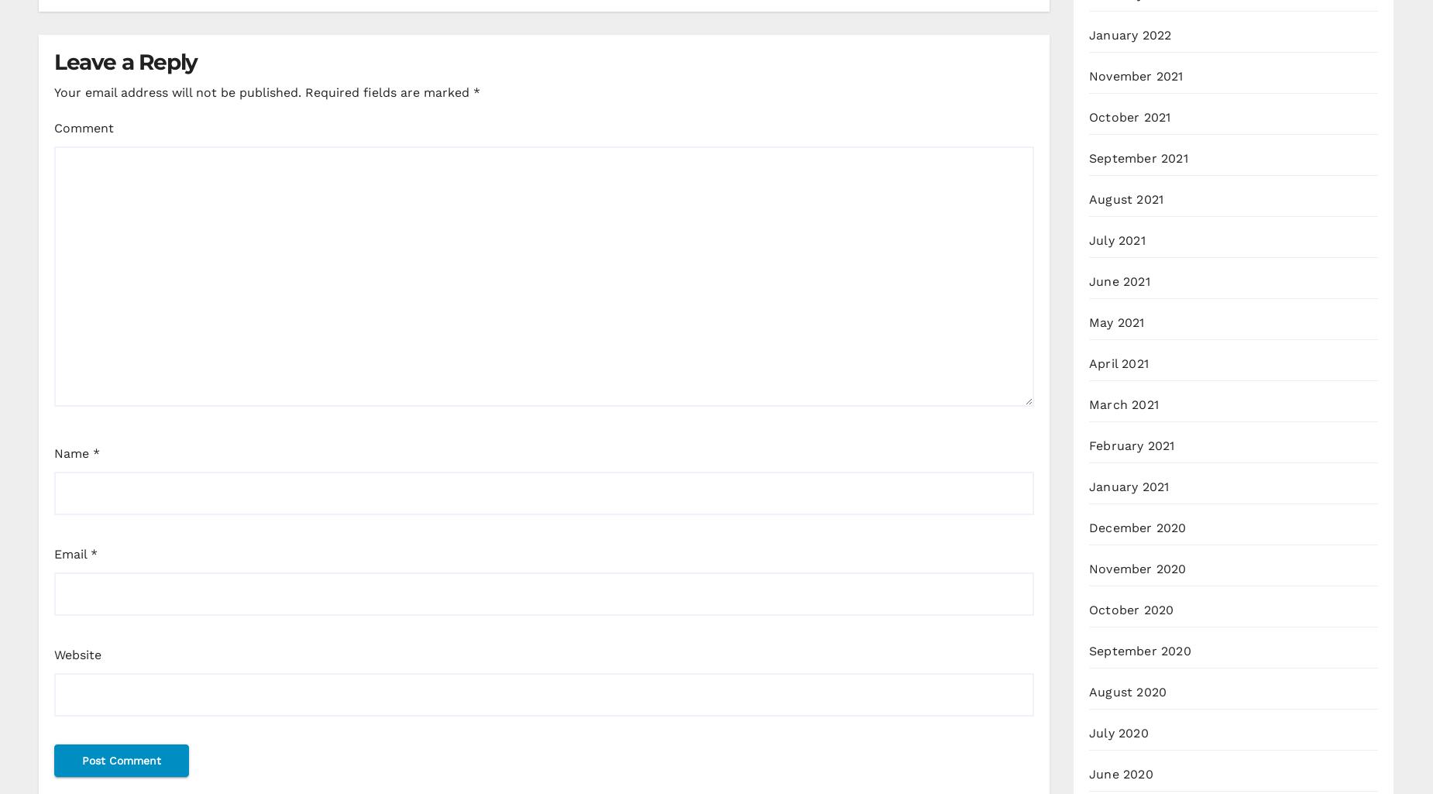 The height and width of the screenshot is (794, 1433). I want to click on 'June 2021', so click(1089, 280).